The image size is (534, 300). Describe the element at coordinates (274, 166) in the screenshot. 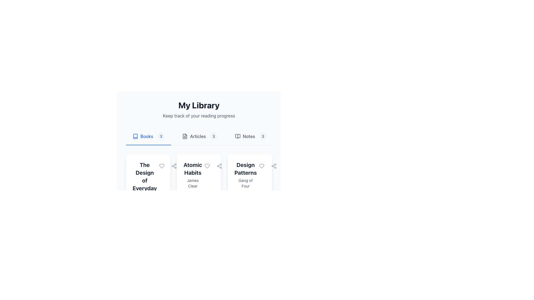

I see `the sharing options icon located in the top-right corner of the third card section under the 'Design Patterns' book` at that location.